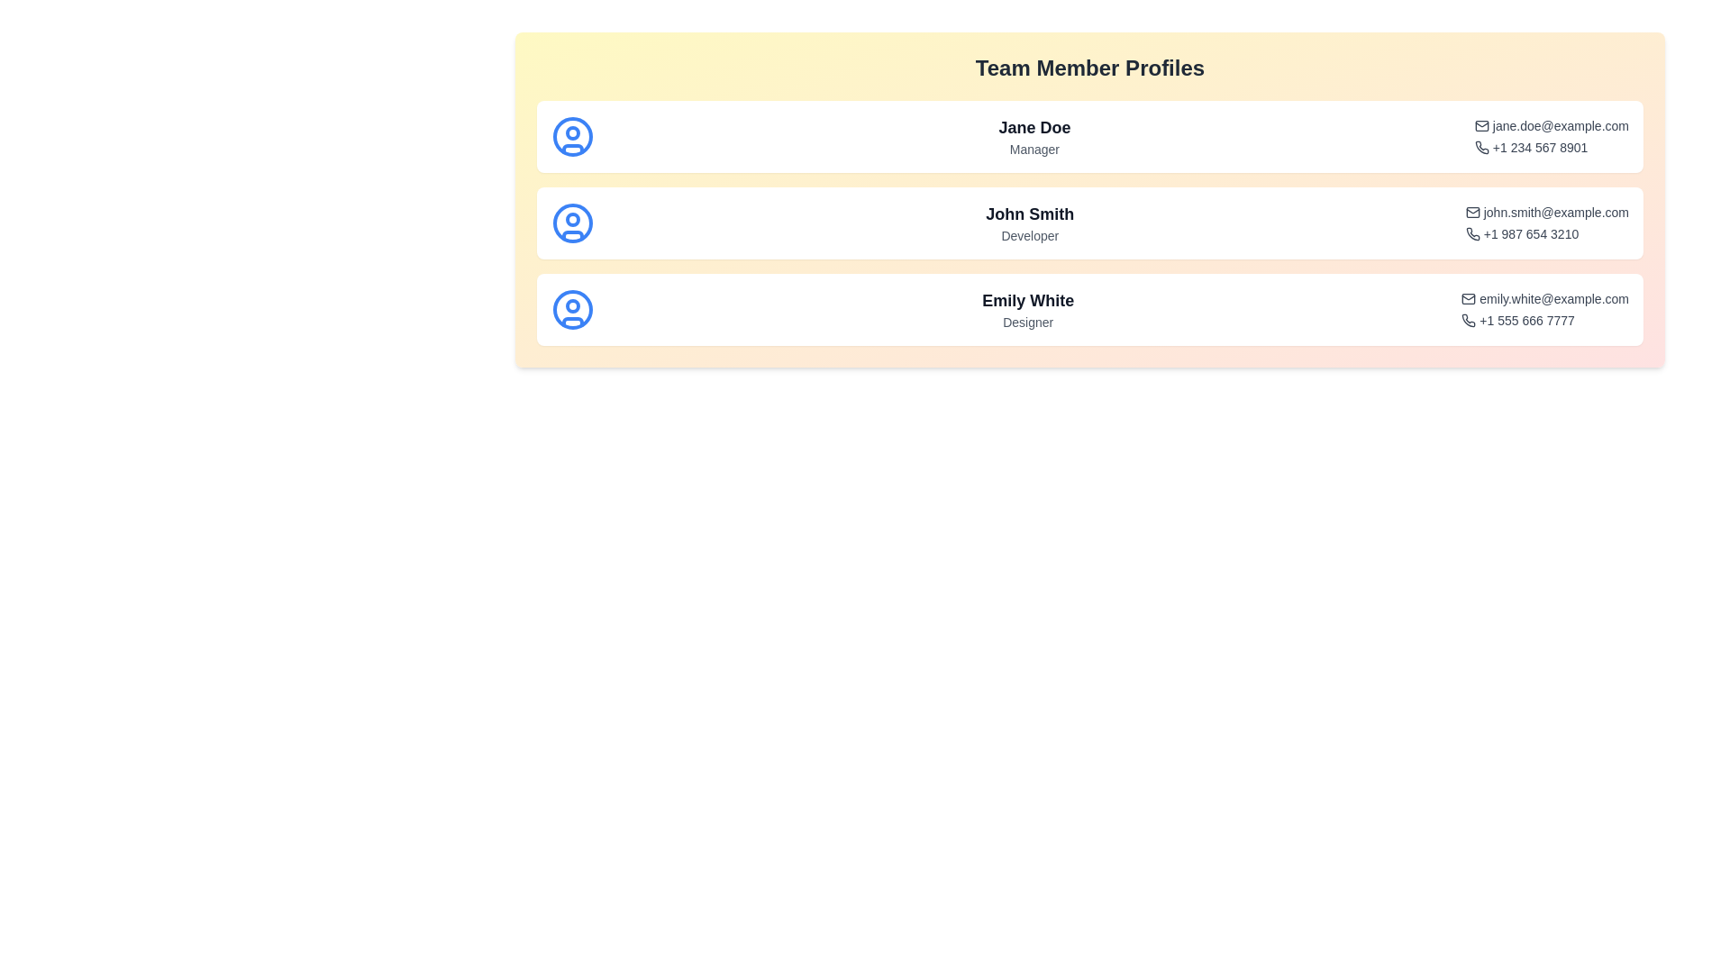 This screenshot has width=1730, height=973. I want to click on the profile entry corresponding to John Smith, so click(1088, 222).